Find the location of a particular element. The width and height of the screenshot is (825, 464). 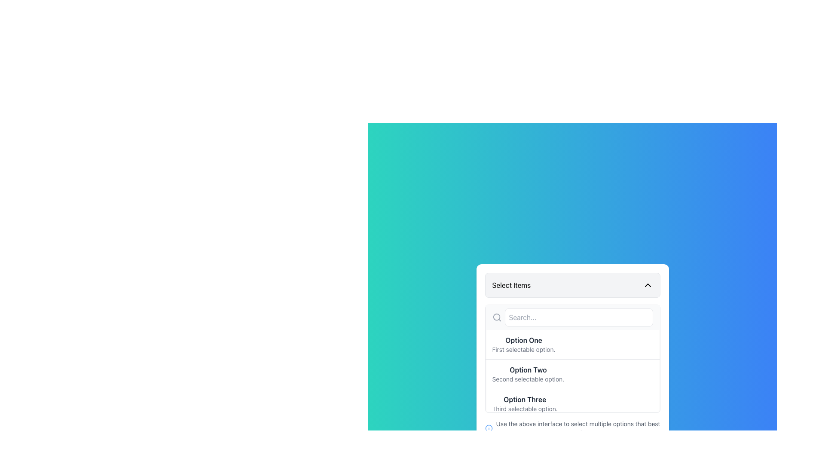

the Dropdown Activator located at the top of the white box is located at coordinates (572, 285).